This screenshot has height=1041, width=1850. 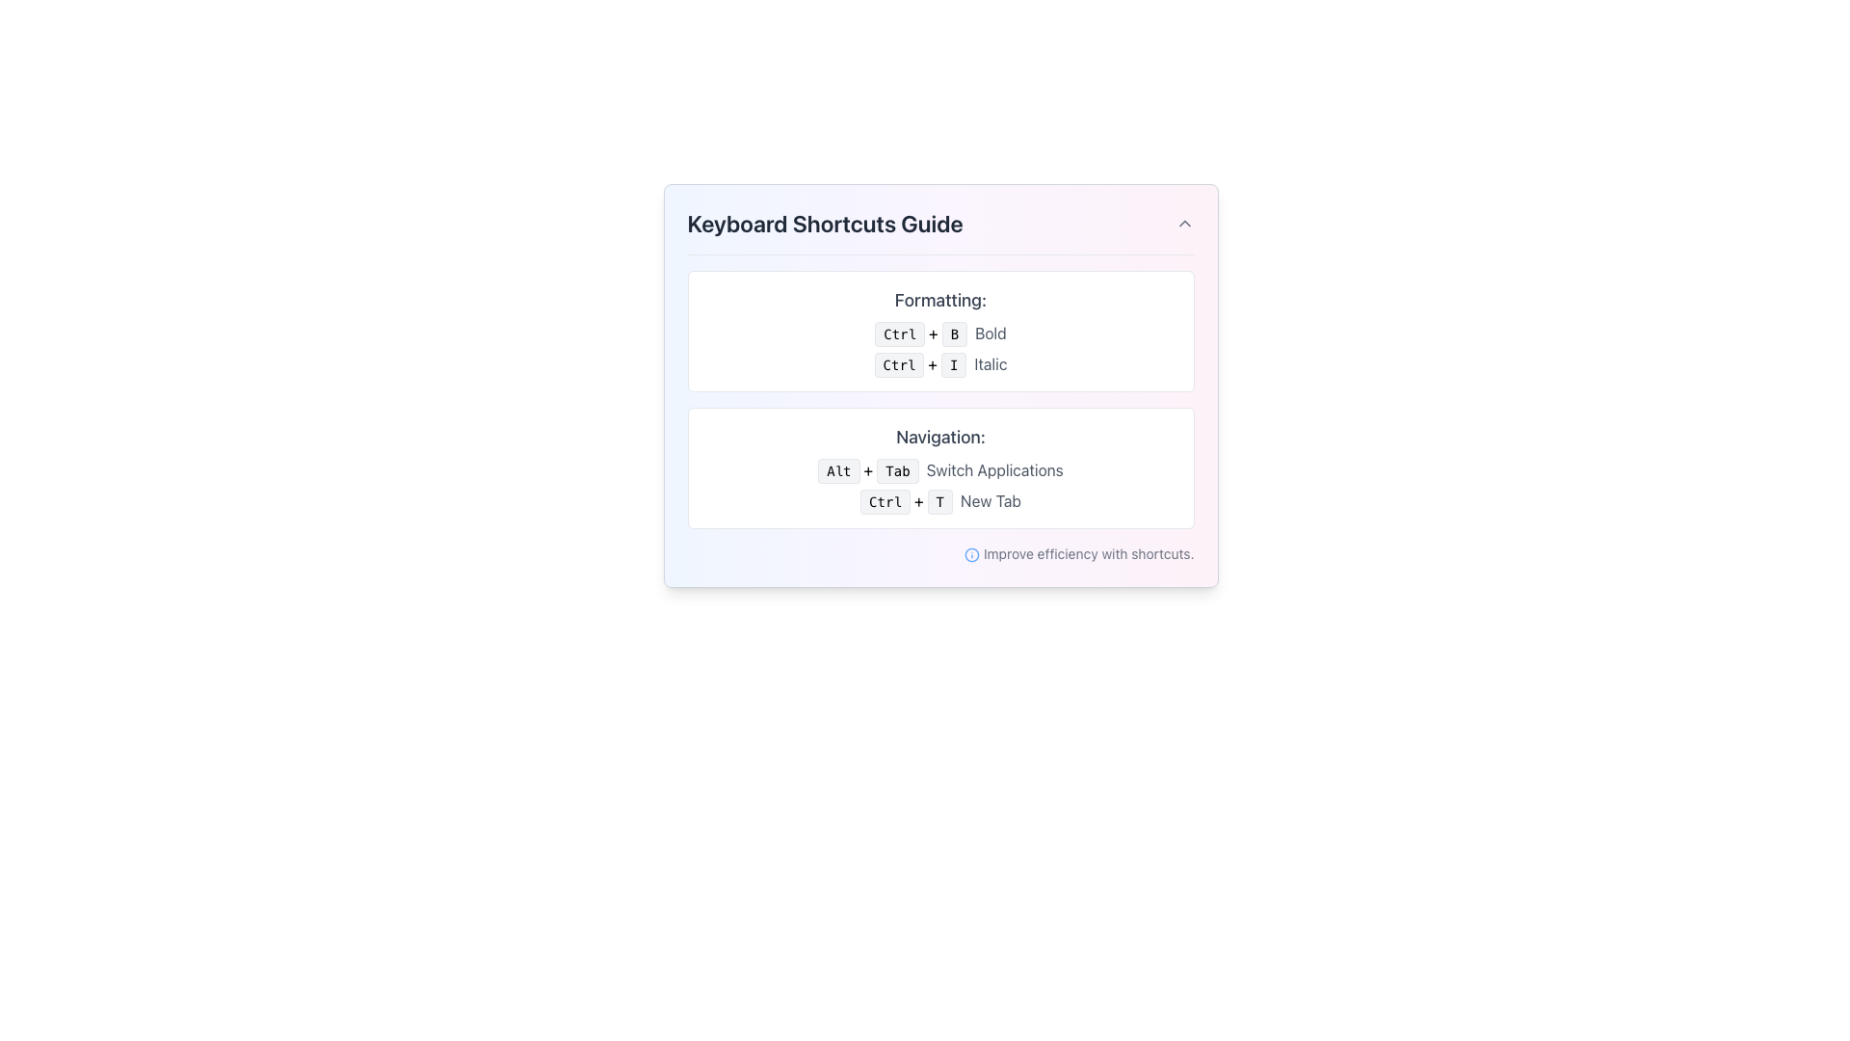 What do you see at coordinates (971, 555) in the screenshot?
I see `the central circle of the informational icon located in the top-right section of the interface` at bounding box center [971, 555].